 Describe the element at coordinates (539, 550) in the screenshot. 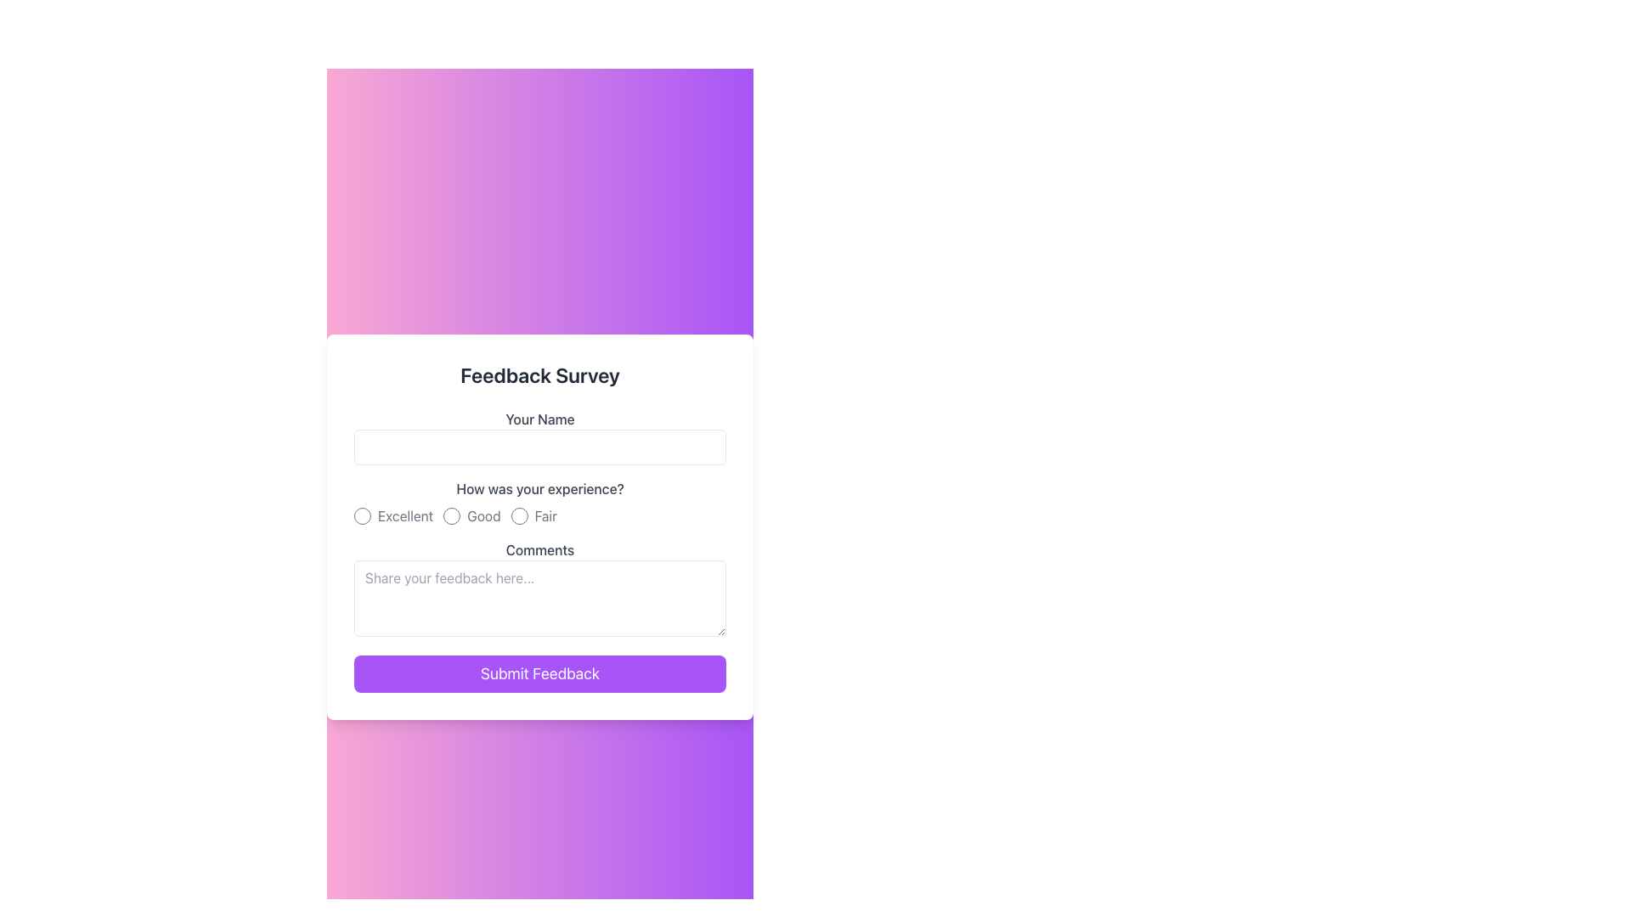

I see `the text label indicating the purpose of the following comment input box, which is located in the center of the feedback form, directly above the multi-line comment input field` at that location.